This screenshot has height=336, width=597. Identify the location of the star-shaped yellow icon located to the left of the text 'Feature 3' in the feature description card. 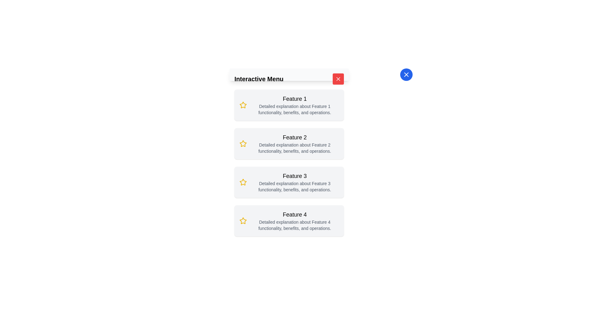
(243, 182).